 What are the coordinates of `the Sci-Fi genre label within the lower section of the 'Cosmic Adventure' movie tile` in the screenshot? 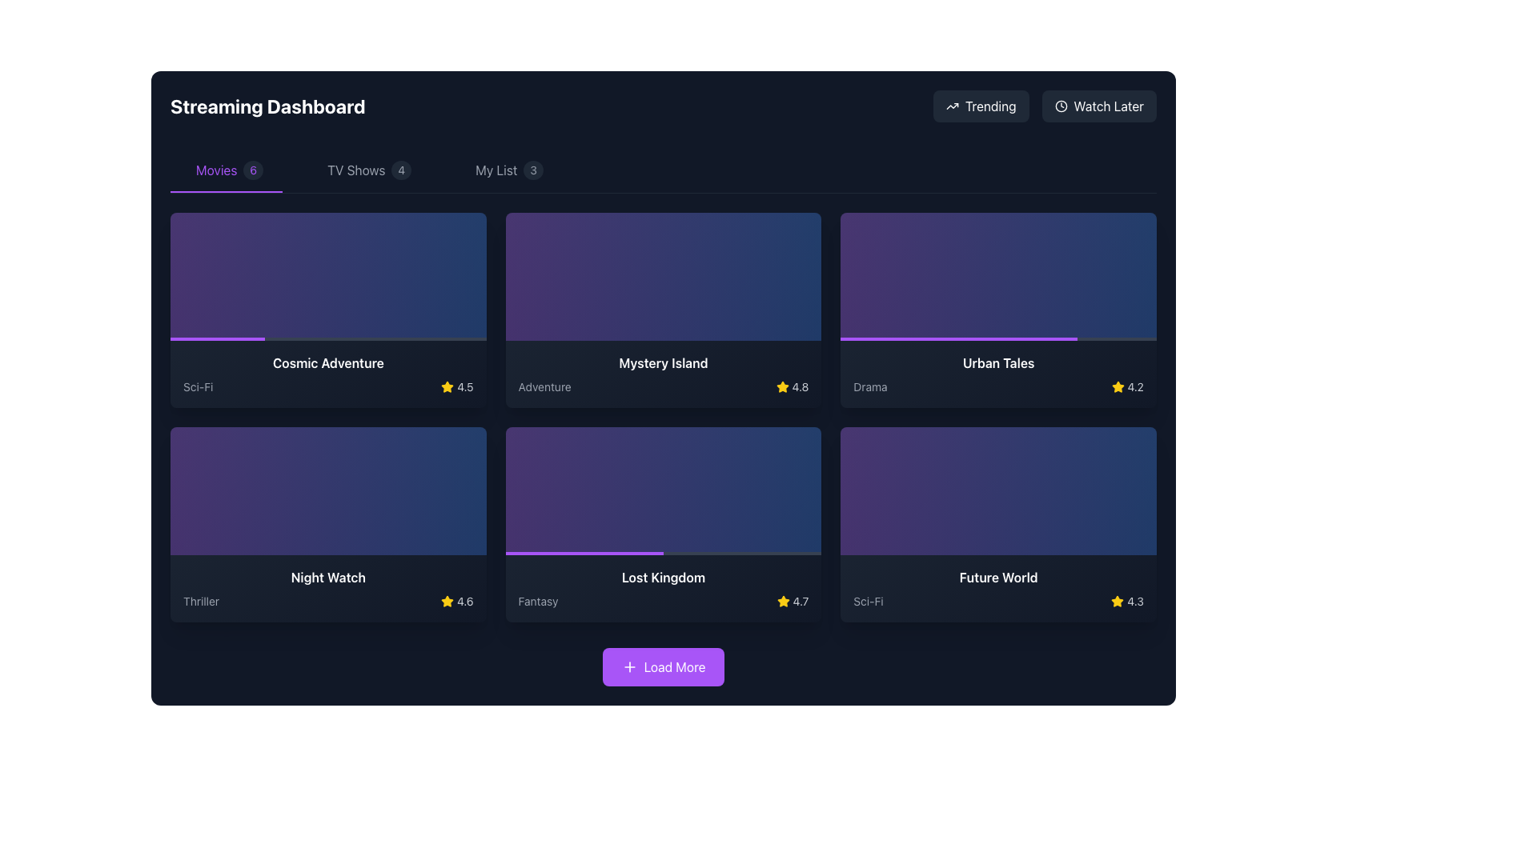 It's located at (197, 386).